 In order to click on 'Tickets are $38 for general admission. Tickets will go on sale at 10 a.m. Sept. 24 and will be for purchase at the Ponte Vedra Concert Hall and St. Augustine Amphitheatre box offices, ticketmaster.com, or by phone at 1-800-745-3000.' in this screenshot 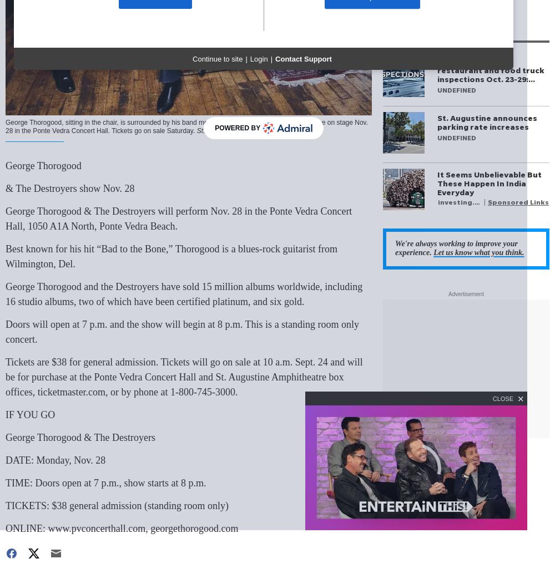, I will do `click(183, 376)`.